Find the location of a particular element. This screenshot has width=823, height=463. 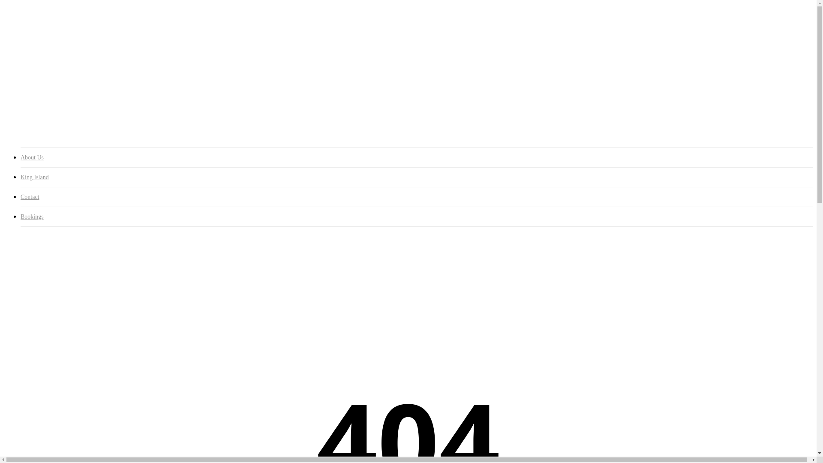

'King Island' is located at coordinates (21, 177).